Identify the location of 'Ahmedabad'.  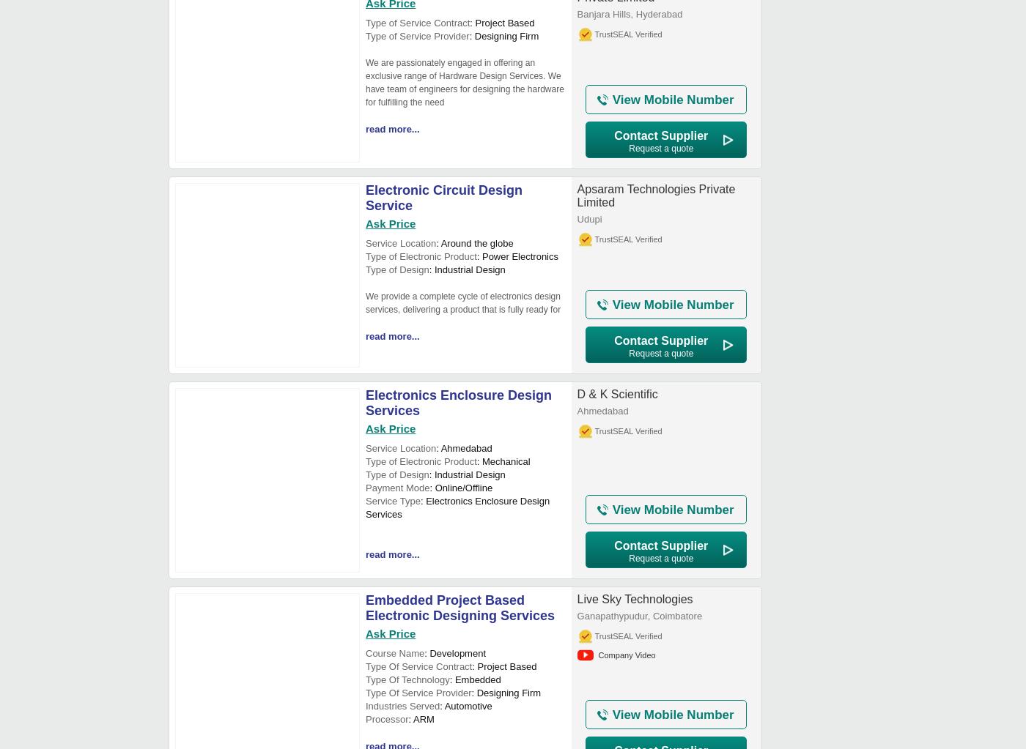
(602, 411).